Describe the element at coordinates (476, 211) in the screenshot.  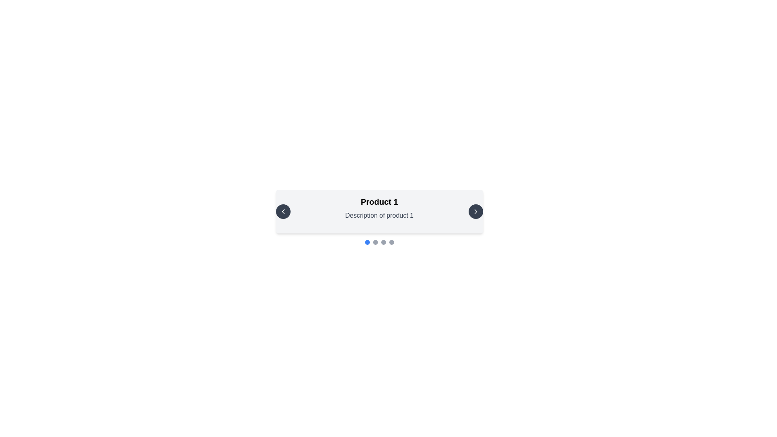
I see `the rightmost circular button's icon` at that location.